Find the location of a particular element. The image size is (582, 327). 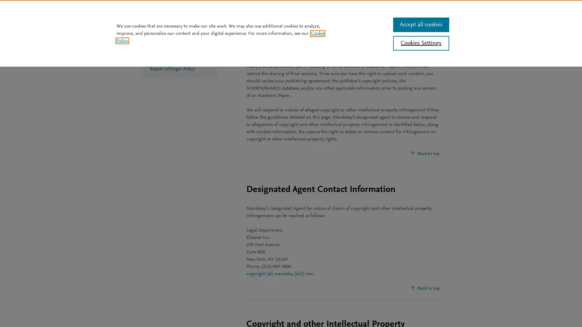

Accept all cookies is located at coordinates (420, 24).